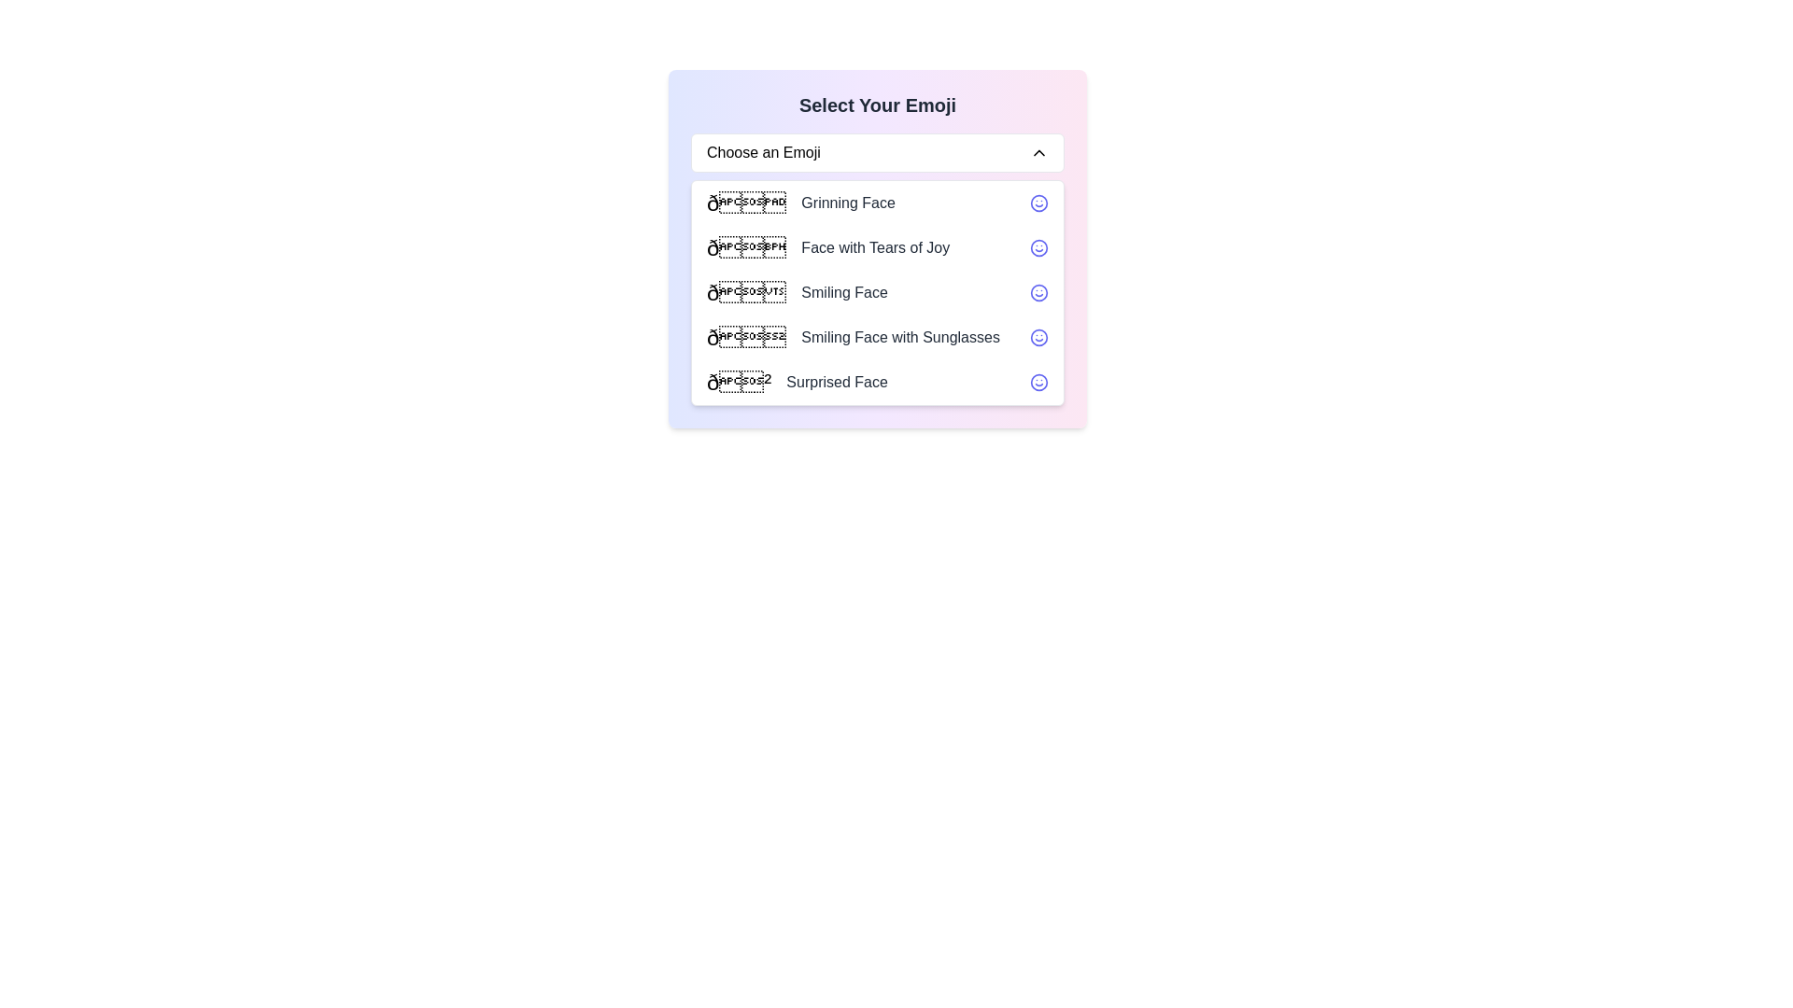 The height and width of the screenshot is (1008, 1793). Describe the element at coordinates (877, 152) in the screenshot. I see `the drop-down button located below the title 'Select Your Emoji'` at that location.